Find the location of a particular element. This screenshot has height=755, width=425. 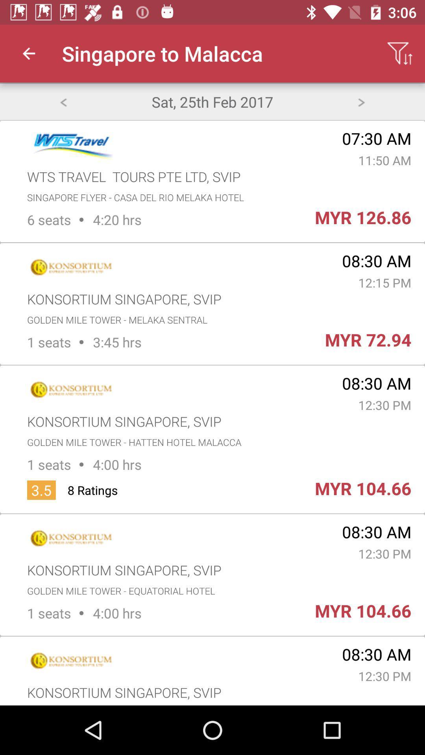

next day options is located at coordinates (361, 101).